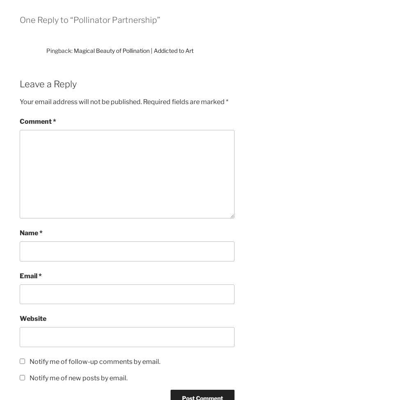 The image size is (410, 400). I want to click on 'Required fields are marked', so click(184, 102).